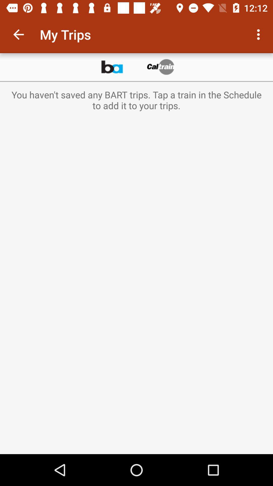 Image resolution: width=273 pixels, height=486 pixels. What do you see at coordinates (111, 67) in the screenshot?
I see `app below the my trips icon` at bounding box center [111, 67].